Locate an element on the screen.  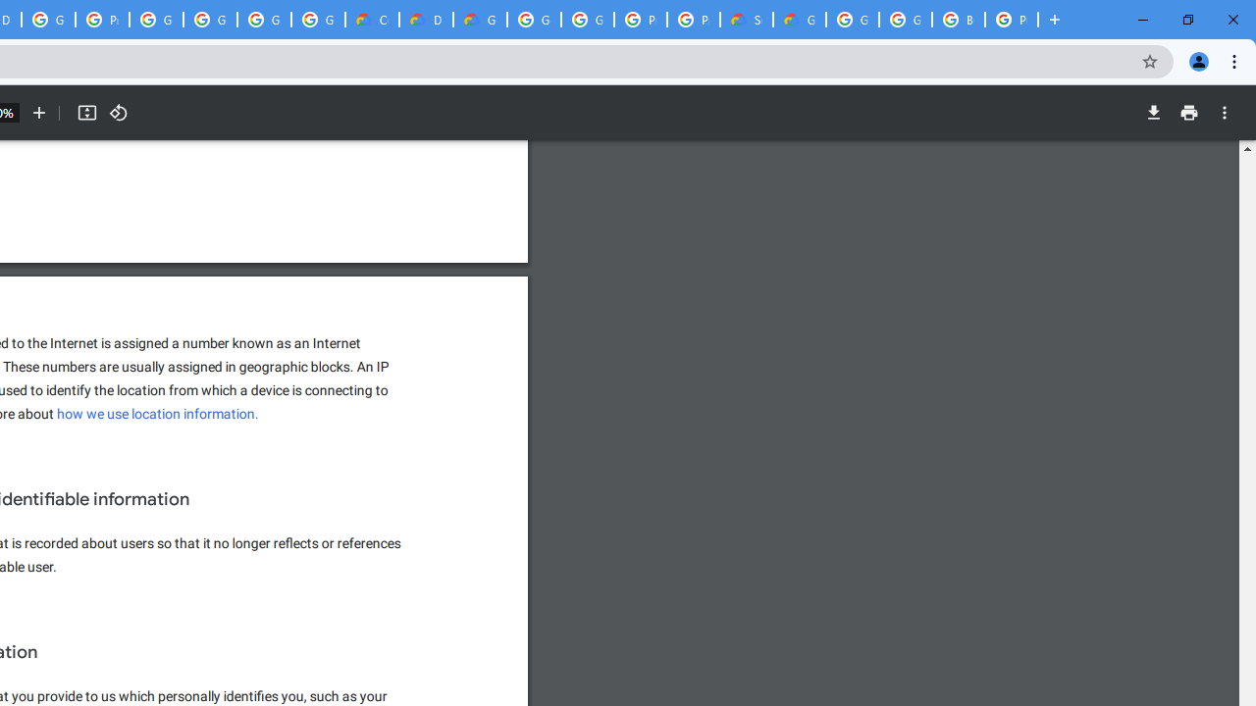
'Gemini for Business and Developers | Google Cloud' is located at coordinates (480, 20).